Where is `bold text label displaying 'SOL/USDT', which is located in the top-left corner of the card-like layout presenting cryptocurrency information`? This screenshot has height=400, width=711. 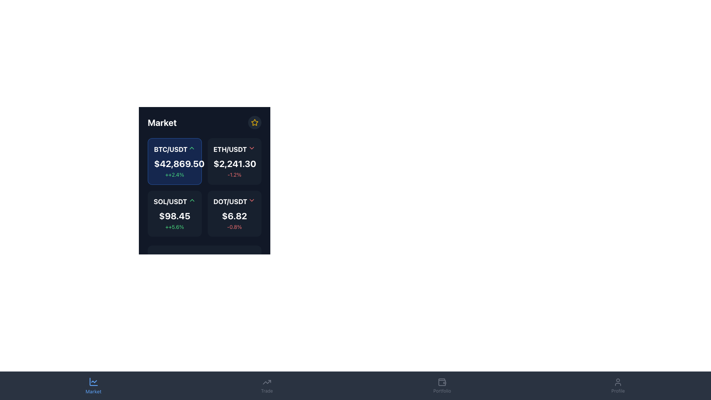
bold text label displaying 'SOL/USDT', which is located in the top-left corner of the card-like layout presenting cryptocurrency information is located at coordinates (170, 201).